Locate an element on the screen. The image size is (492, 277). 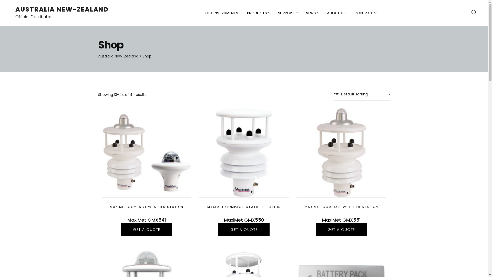
'PRODUCTS' is located at coordinates (258, 13).